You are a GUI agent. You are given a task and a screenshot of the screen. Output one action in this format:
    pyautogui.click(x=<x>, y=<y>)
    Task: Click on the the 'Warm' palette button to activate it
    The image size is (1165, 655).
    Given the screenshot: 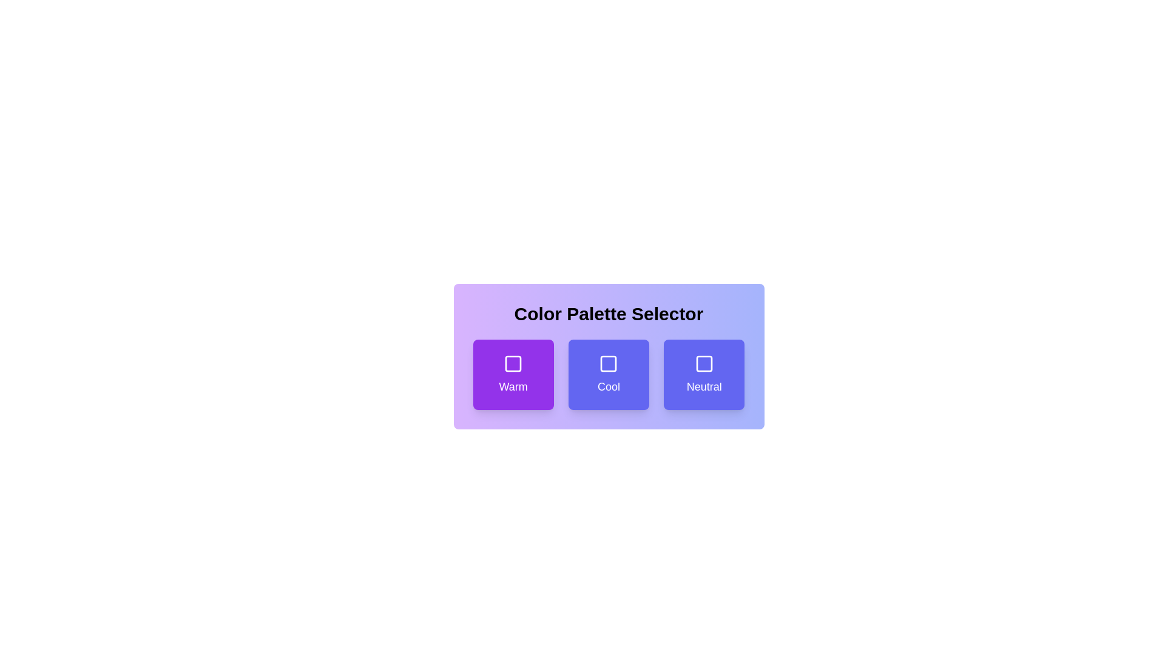 What is the action you would take?
    pyautogui.click(x=513, y=374)
    